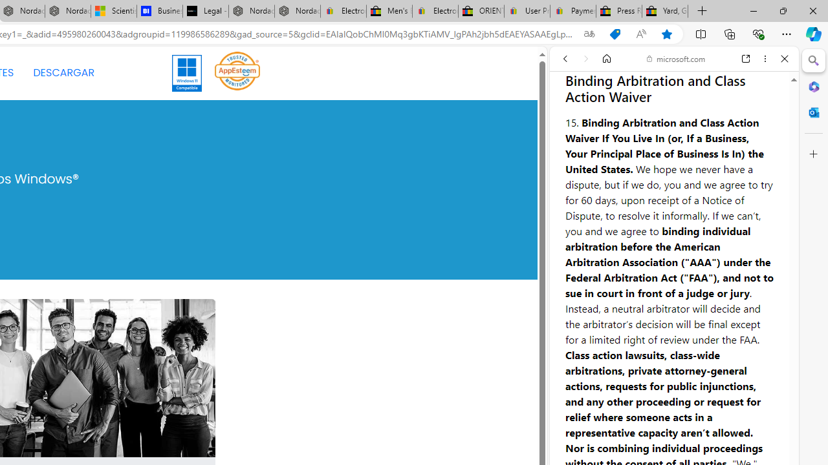 This screenshot has height=465, width=828. Describe the element at coordinates (680, 88) in the screenshot. I see `'Search the web'` at that location.